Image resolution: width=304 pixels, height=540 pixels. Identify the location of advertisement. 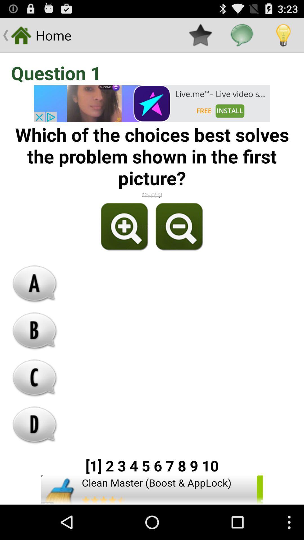
(152, 490).